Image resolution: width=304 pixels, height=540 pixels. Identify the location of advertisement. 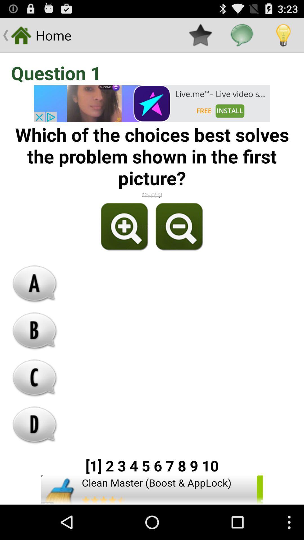
(152, 490).